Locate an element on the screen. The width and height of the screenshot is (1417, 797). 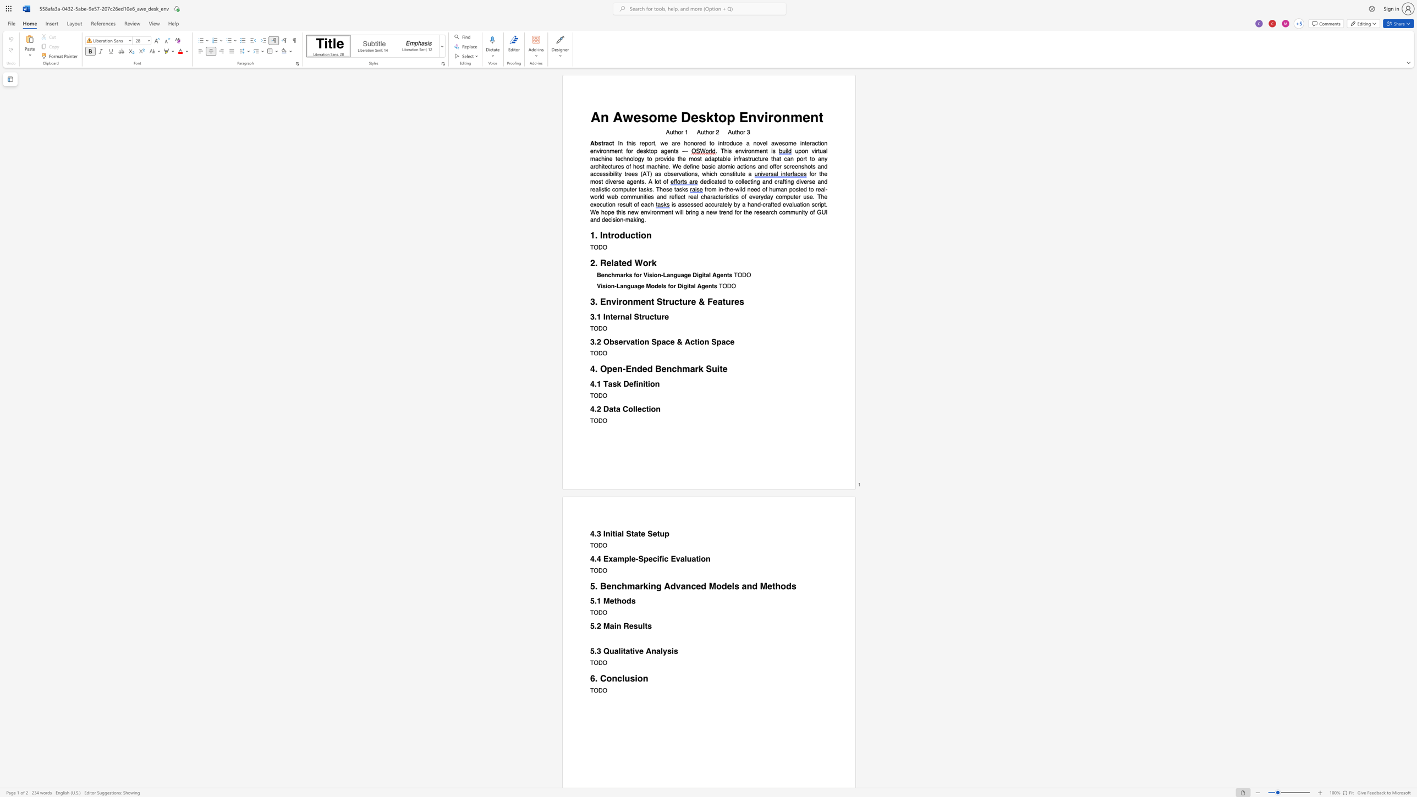
the subset text "Awesome Desktop Envir" within the text "An Awesome Desktop Environment" is located at coordinates (613, 117).